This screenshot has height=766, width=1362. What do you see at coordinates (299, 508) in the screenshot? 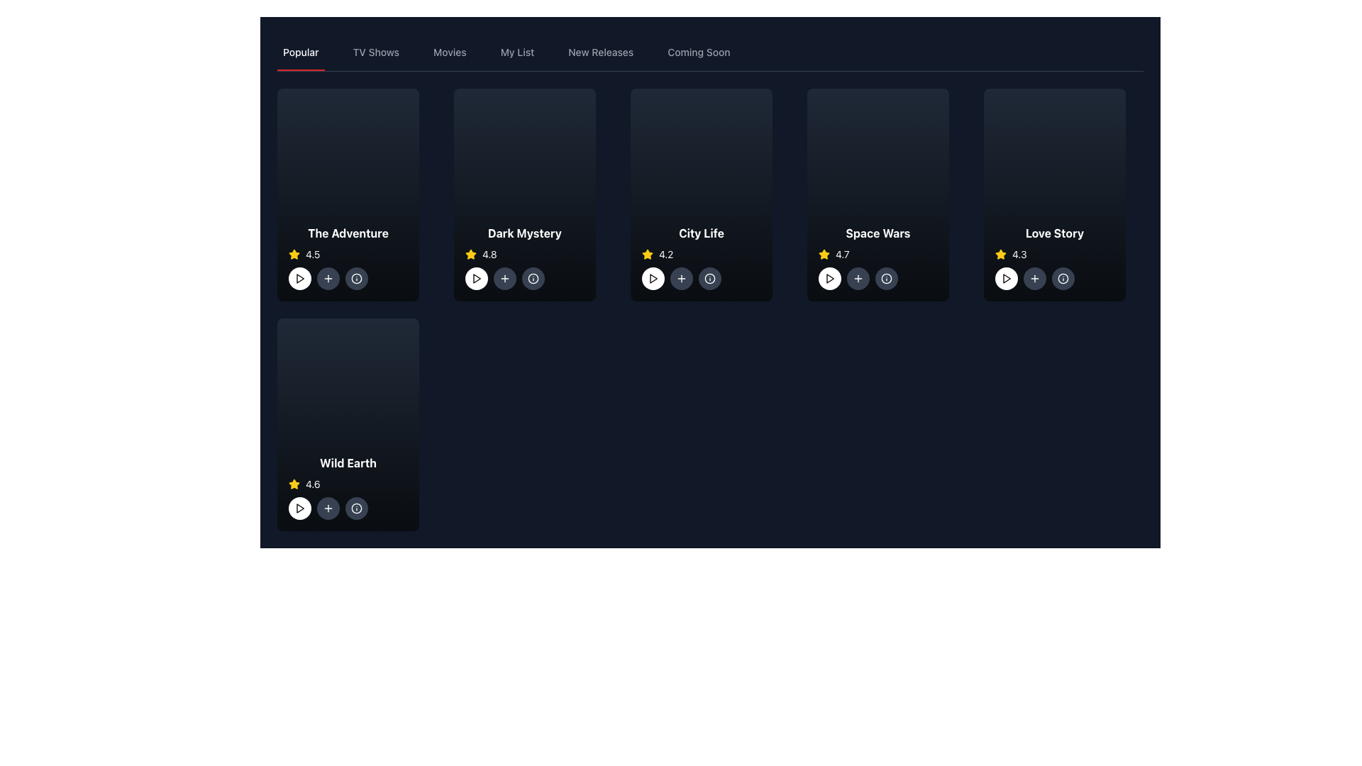
I see `the leftmost play button located at the bottom left of the media item card to initiate playback` at bounding box center [299, 508].